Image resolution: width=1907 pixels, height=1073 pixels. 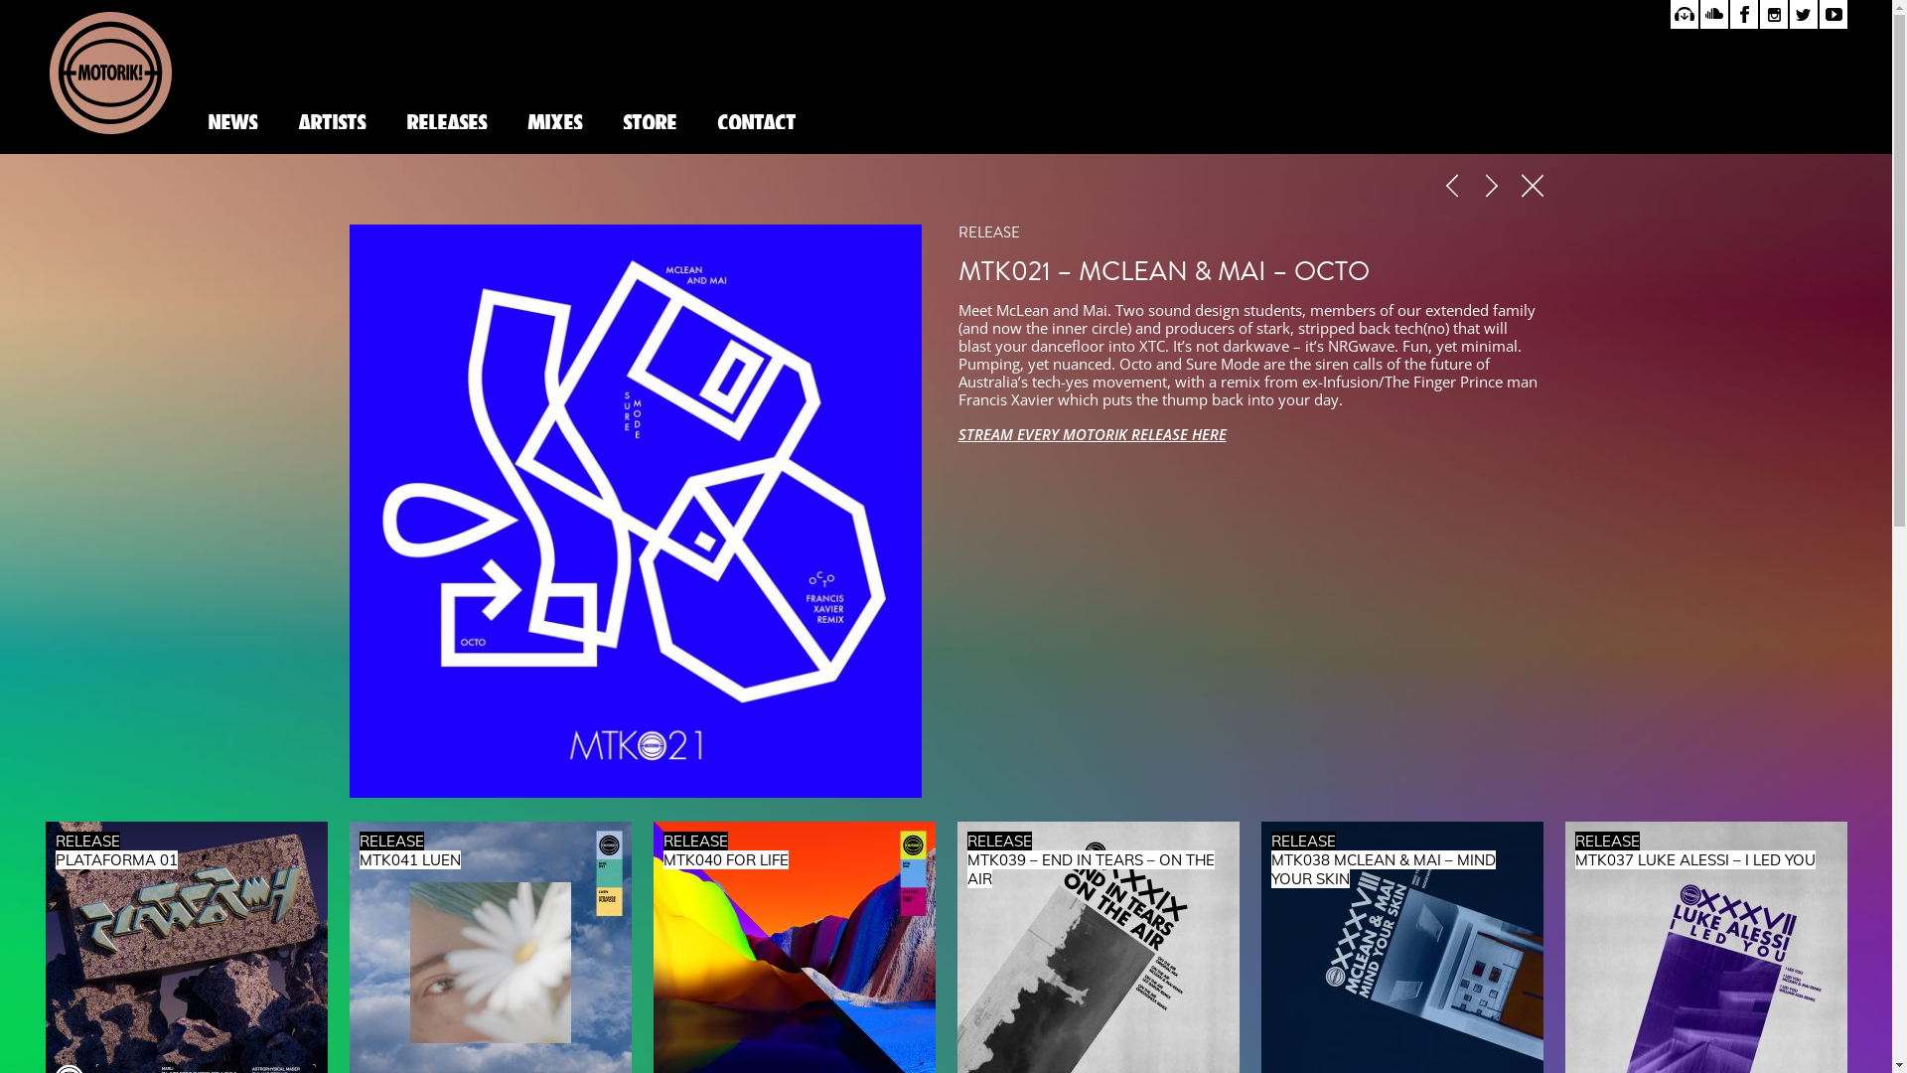 What do you see at coordinates (1803, 14) in the screenshot?
I see `'twitter'` at bounding box center [1803, 14].